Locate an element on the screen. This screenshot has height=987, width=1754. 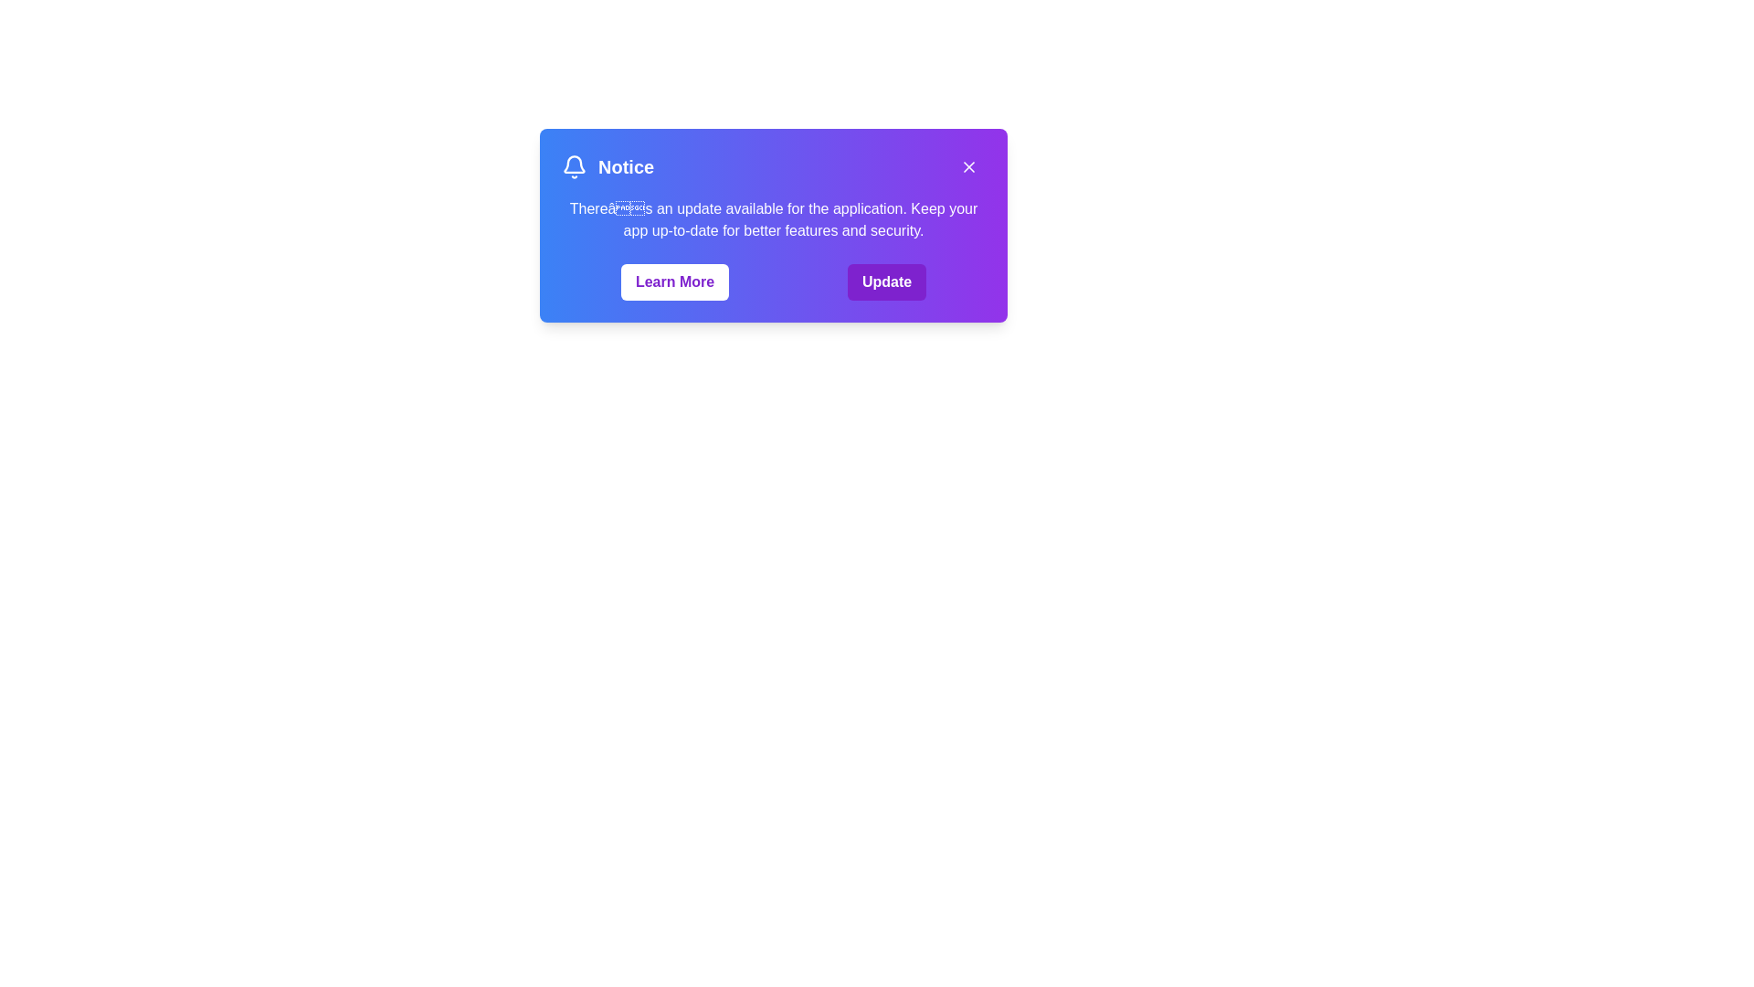
the close button to close the alert is located at coordinates (967, 166).